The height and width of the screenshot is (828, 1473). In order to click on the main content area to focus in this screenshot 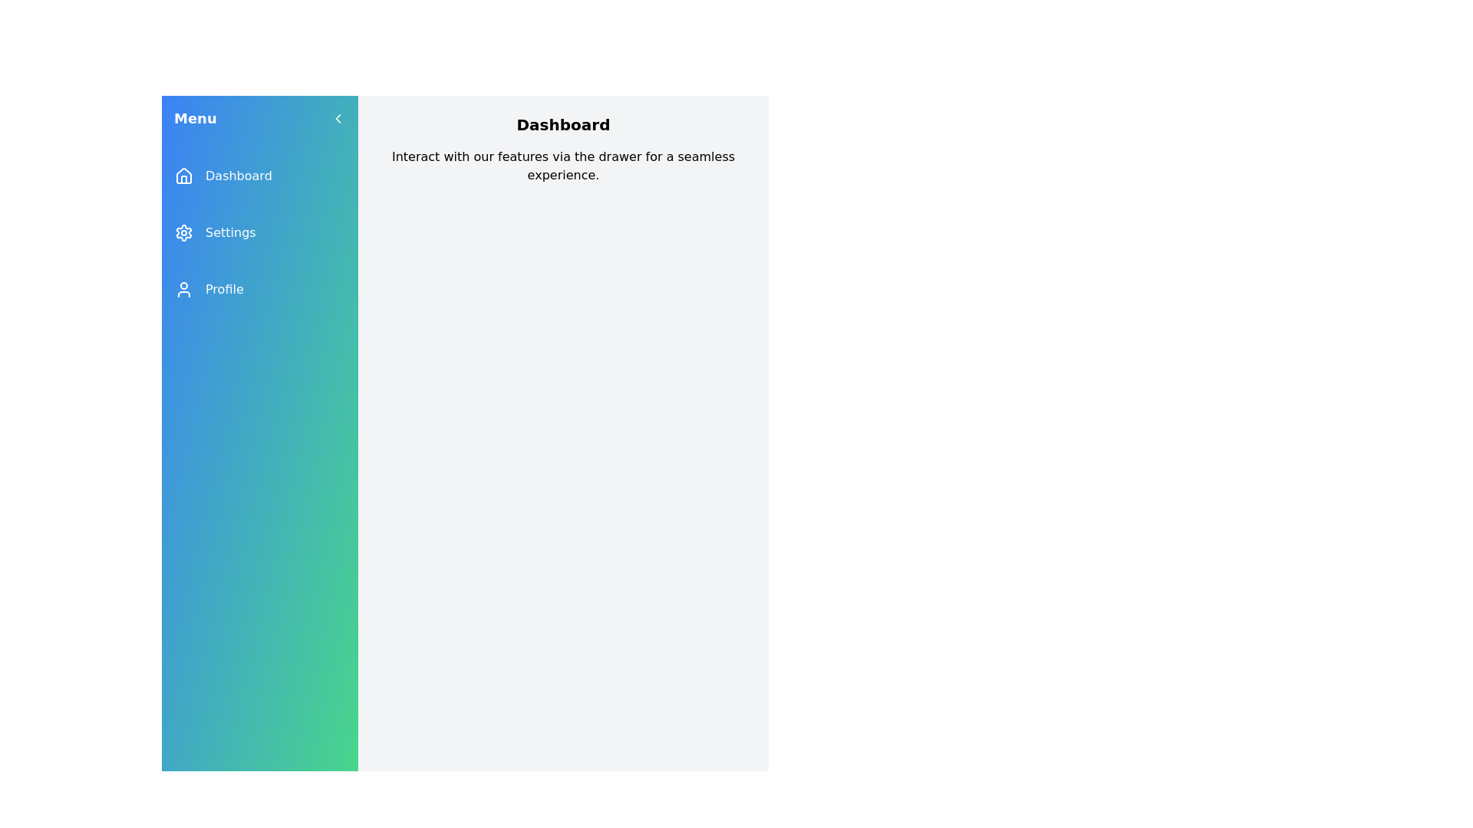, I will do `click(562, 509)`.